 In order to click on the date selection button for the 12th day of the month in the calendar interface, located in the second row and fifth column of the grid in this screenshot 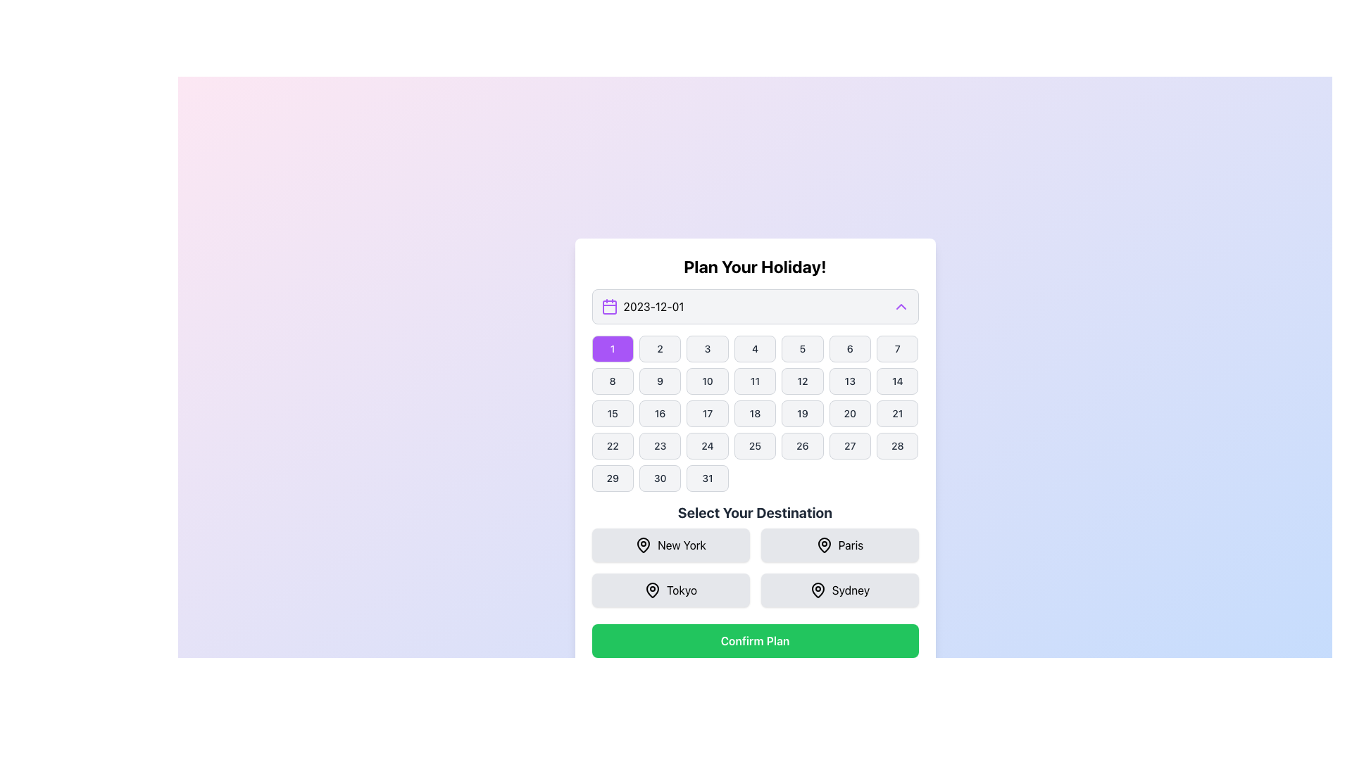, I will do `click(802, 381)`.